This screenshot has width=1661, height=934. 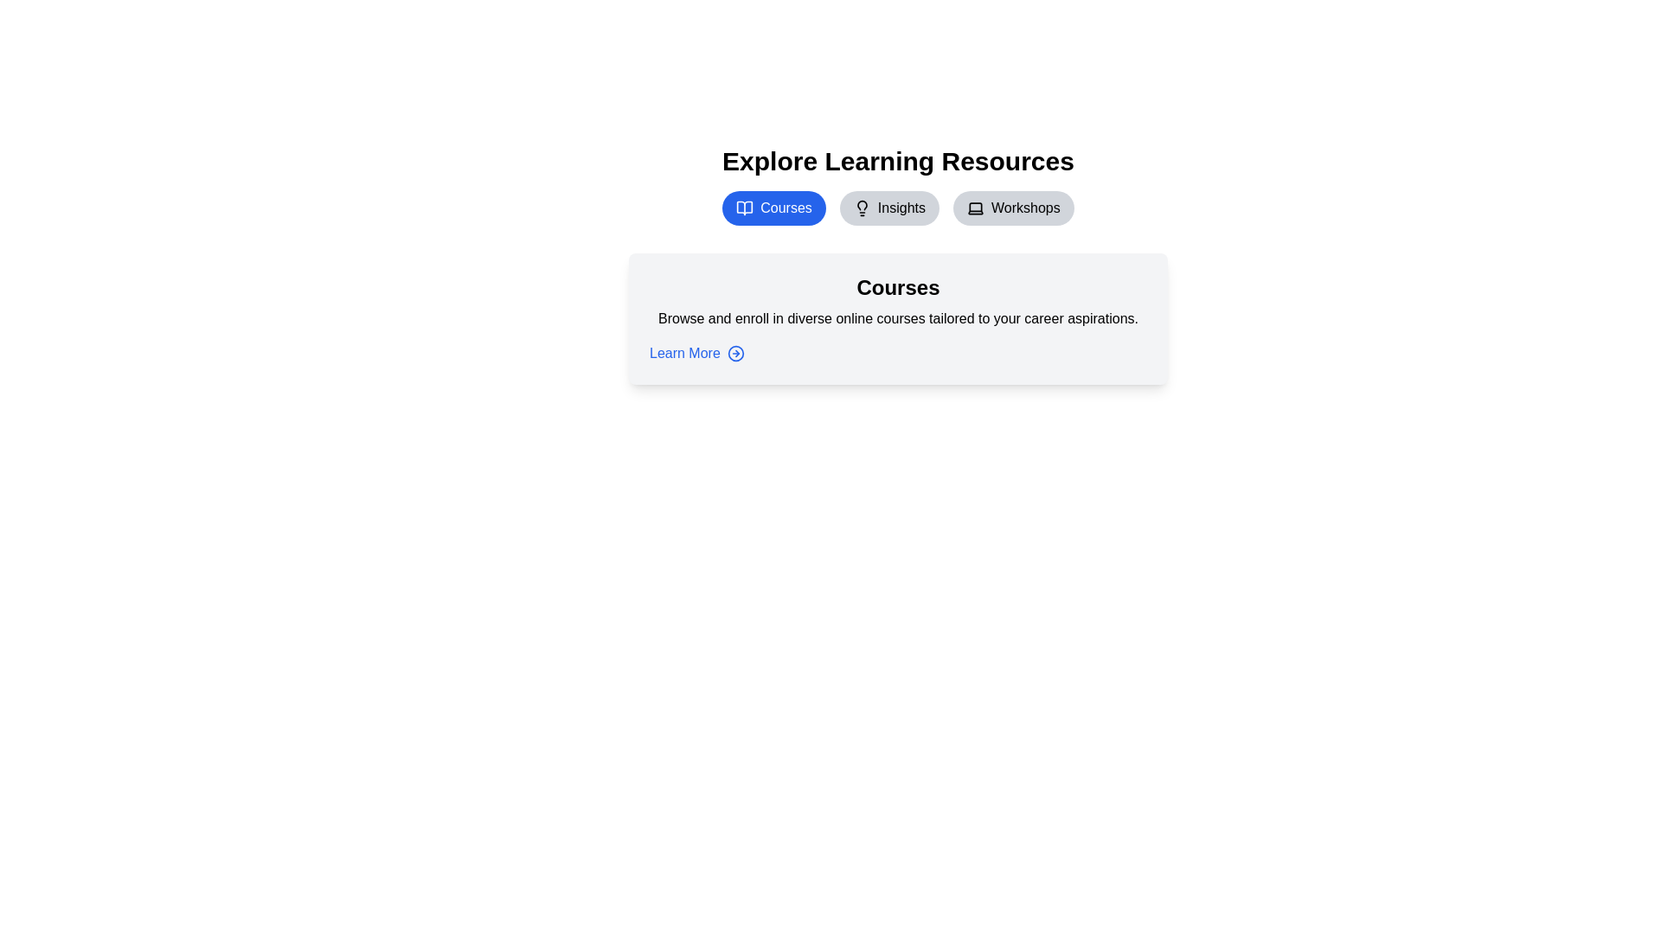 I want to click on the tab titled Insights, so click(x=889, y=207).